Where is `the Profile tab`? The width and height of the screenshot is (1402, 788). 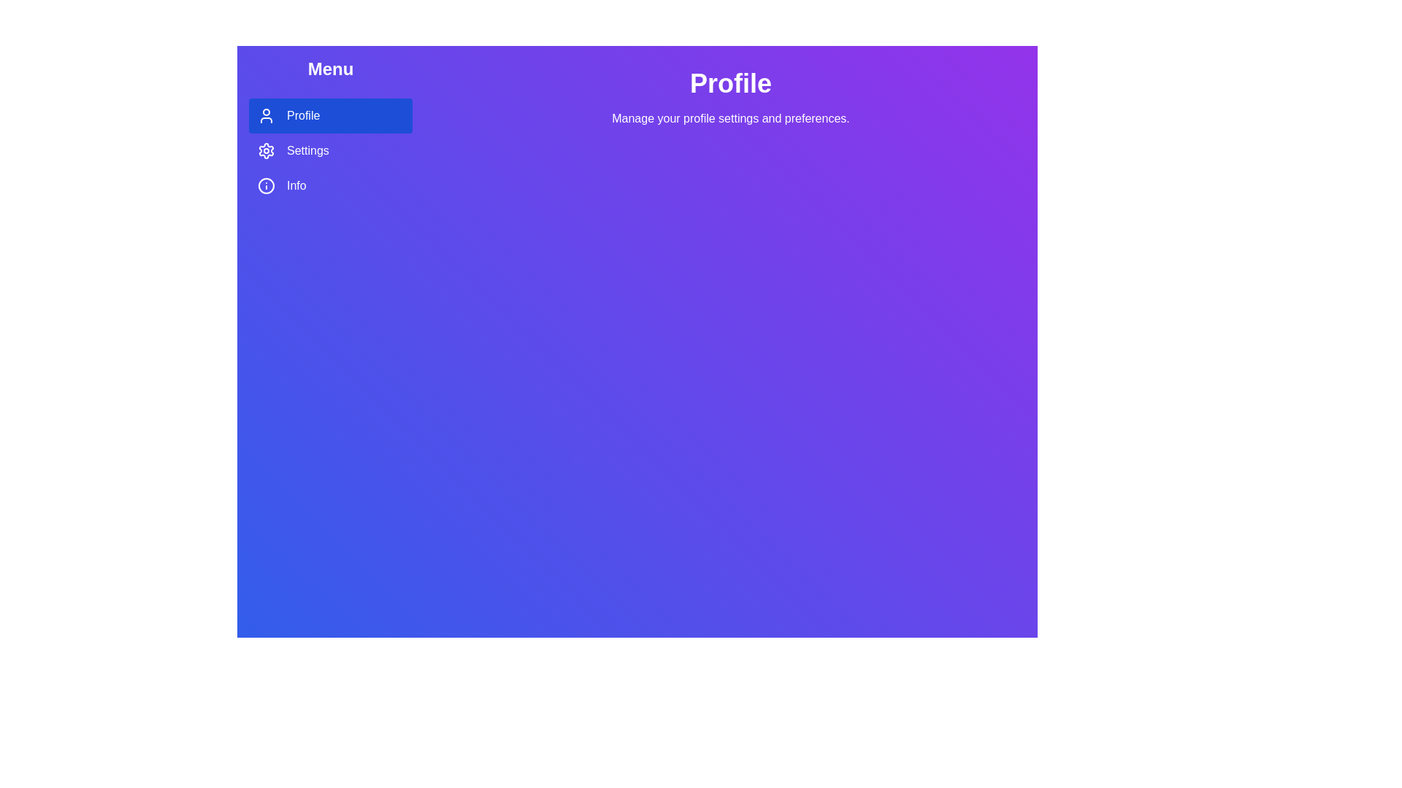
the Profile tab is located at coordinates (329, 115).